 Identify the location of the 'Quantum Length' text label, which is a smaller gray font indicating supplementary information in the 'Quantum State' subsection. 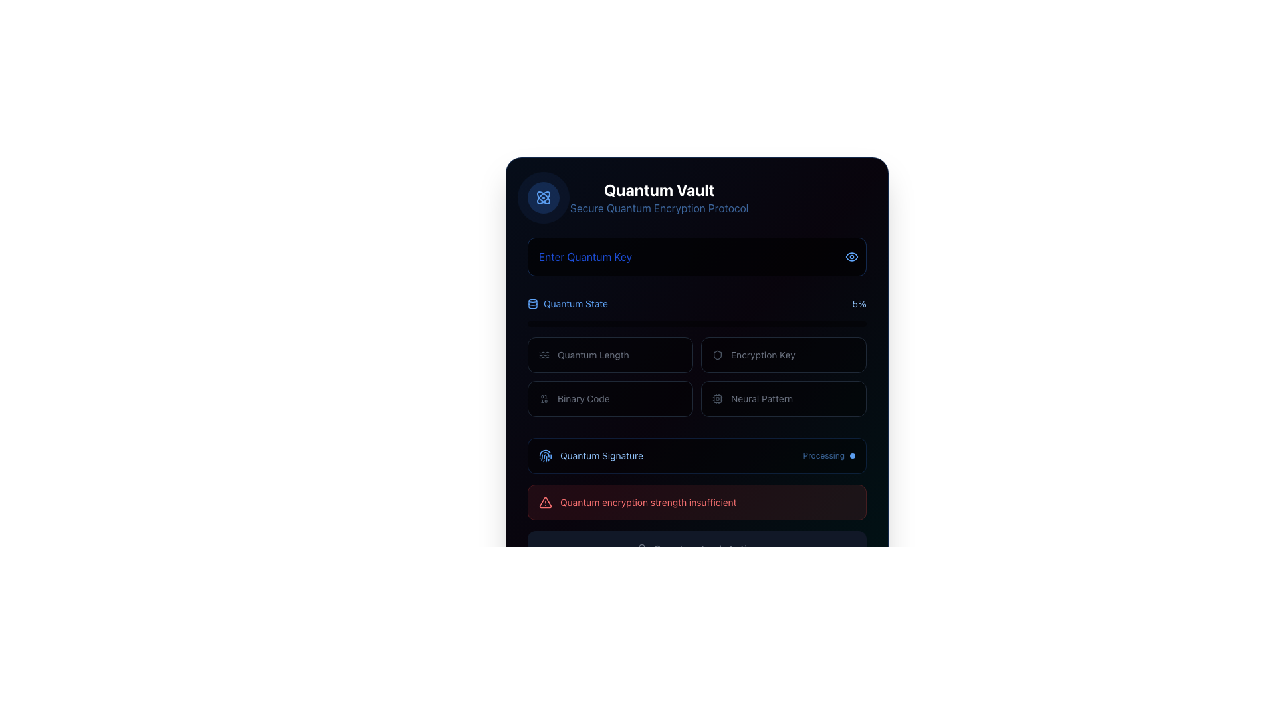
(592, 355).